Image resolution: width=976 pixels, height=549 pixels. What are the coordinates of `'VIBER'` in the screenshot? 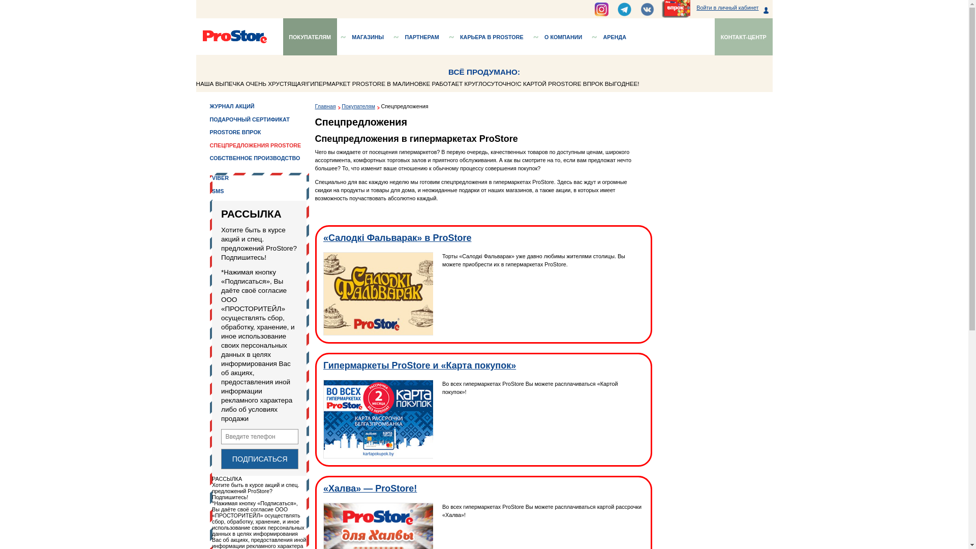 It's located at (245, 198).